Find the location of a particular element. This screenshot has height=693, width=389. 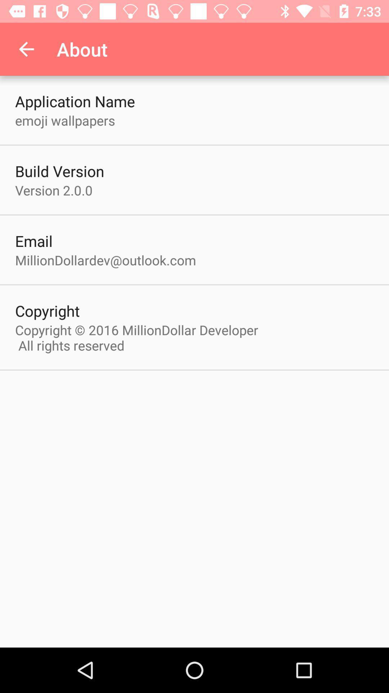

icon above the copyright icon is located at coordinates (106, 260).